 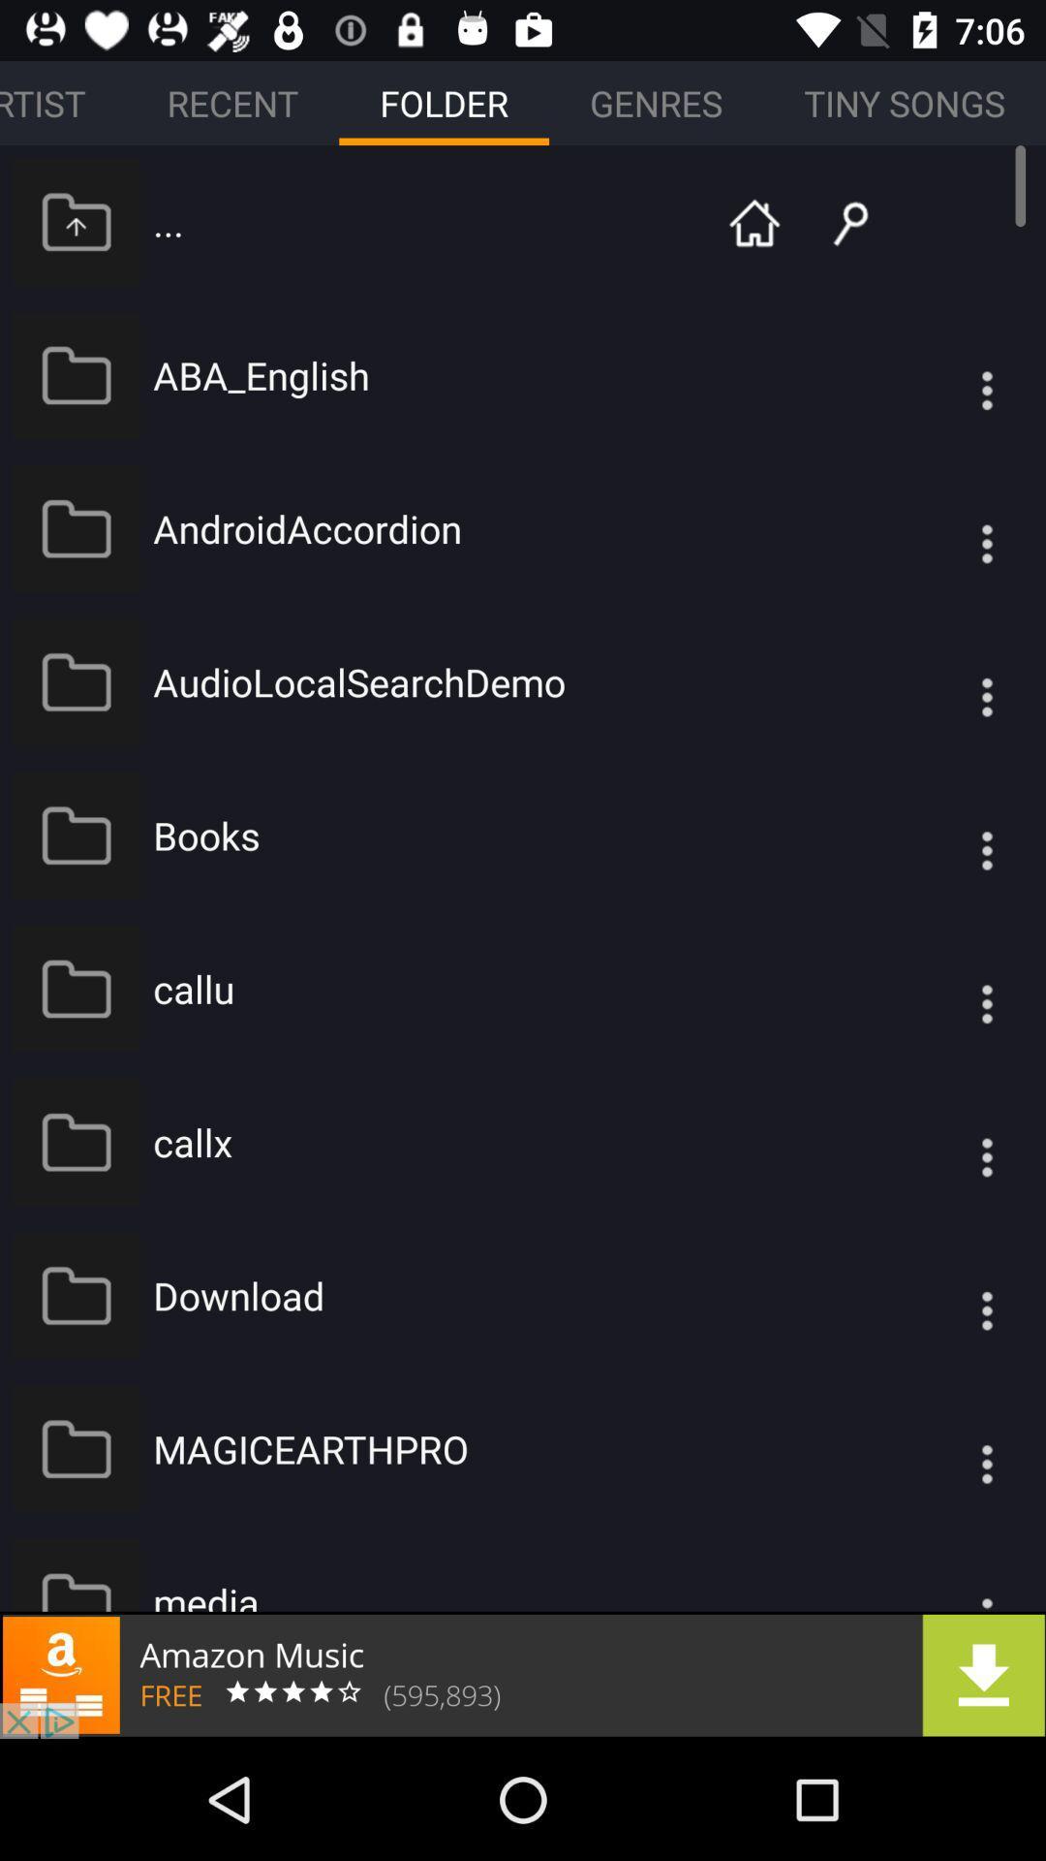 What do you see at coordinates (947, 1573) in the screenshot?
I see `expand options` at bounding box center [947, 1573].